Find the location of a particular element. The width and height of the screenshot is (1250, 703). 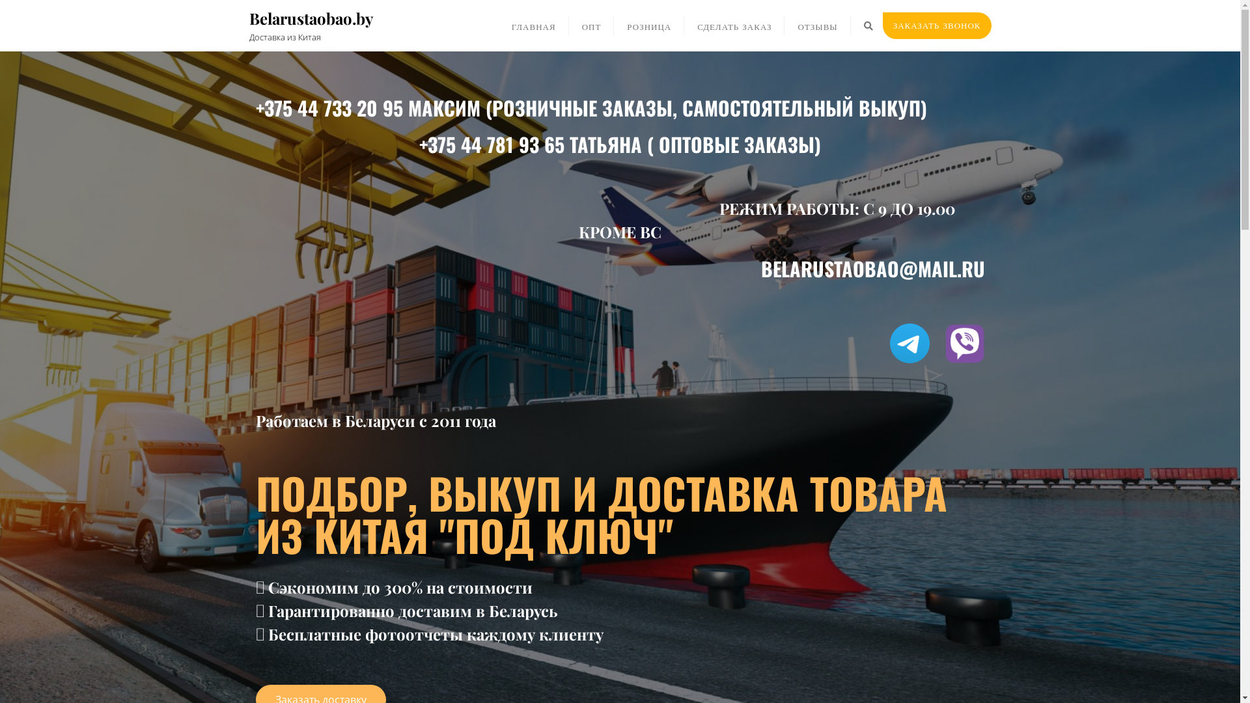

'BELARUSTAOBAO@MAIL.RU' is located at coordinates (872, 267).